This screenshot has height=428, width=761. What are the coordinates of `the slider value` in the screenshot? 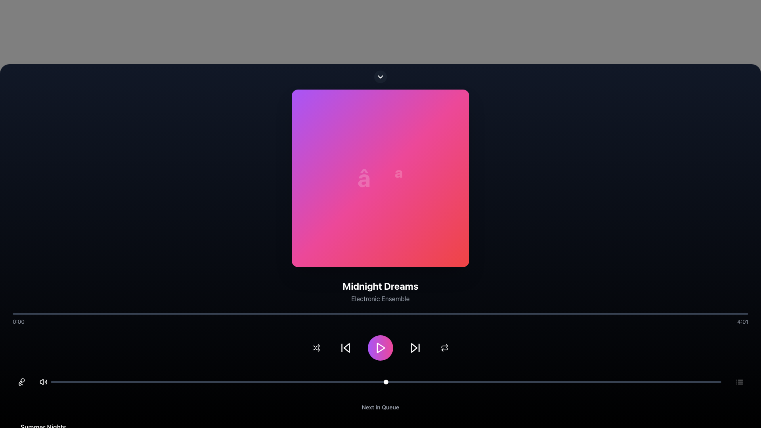 It's located at (325, 382).